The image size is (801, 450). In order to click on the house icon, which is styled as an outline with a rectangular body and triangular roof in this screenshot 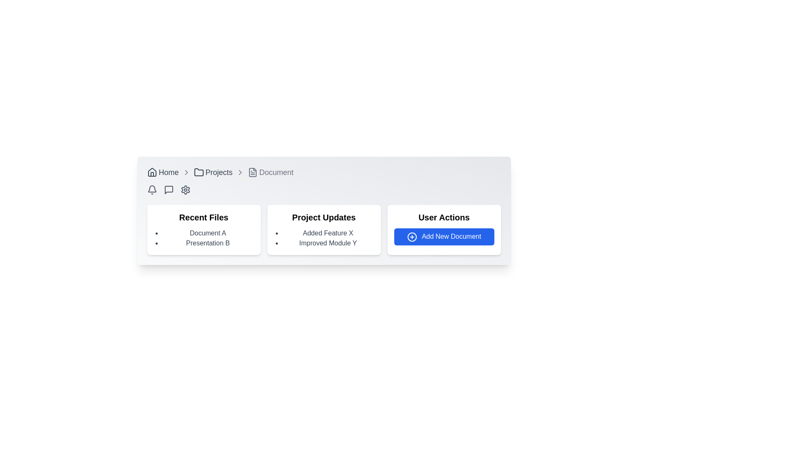, I will do `click(152, 172)`.